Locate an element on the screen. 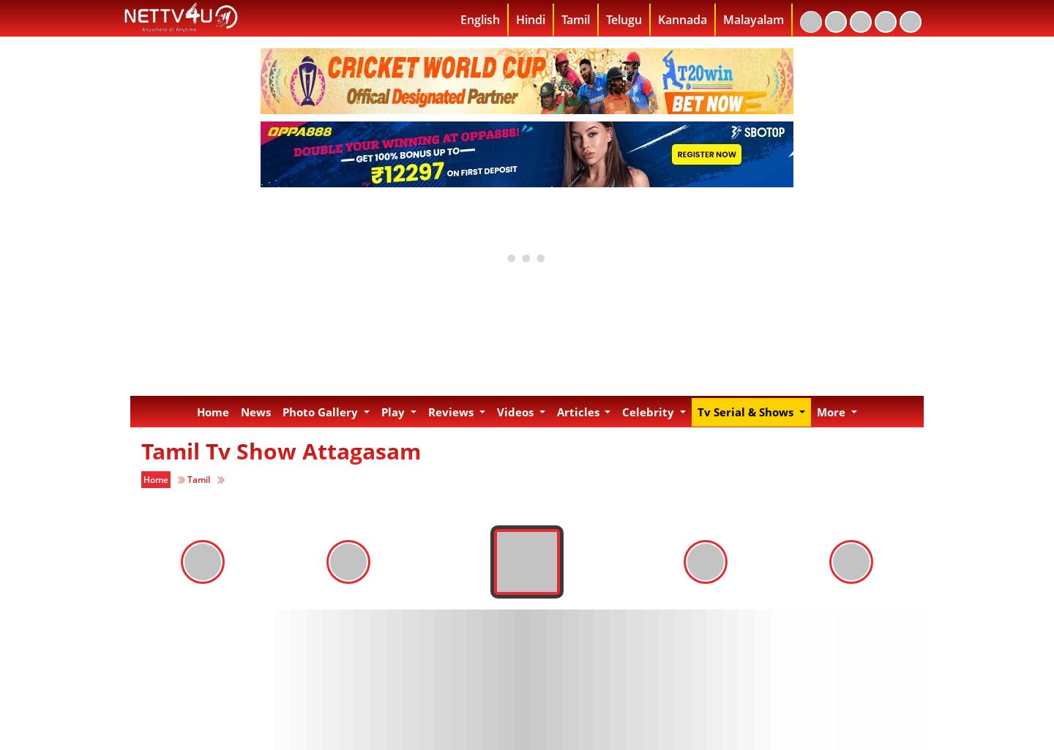 This screenshot has width=1054, height=750. 'Photo Gallery' is located at coordinates (321, 412).